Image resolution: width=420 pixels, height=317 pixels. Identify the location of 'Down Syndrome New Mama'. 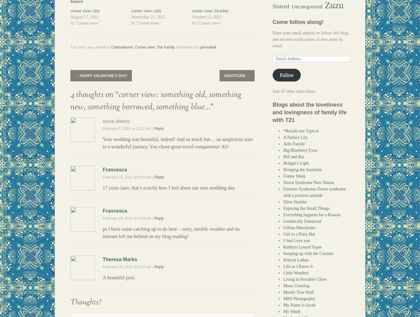
(308, 182).